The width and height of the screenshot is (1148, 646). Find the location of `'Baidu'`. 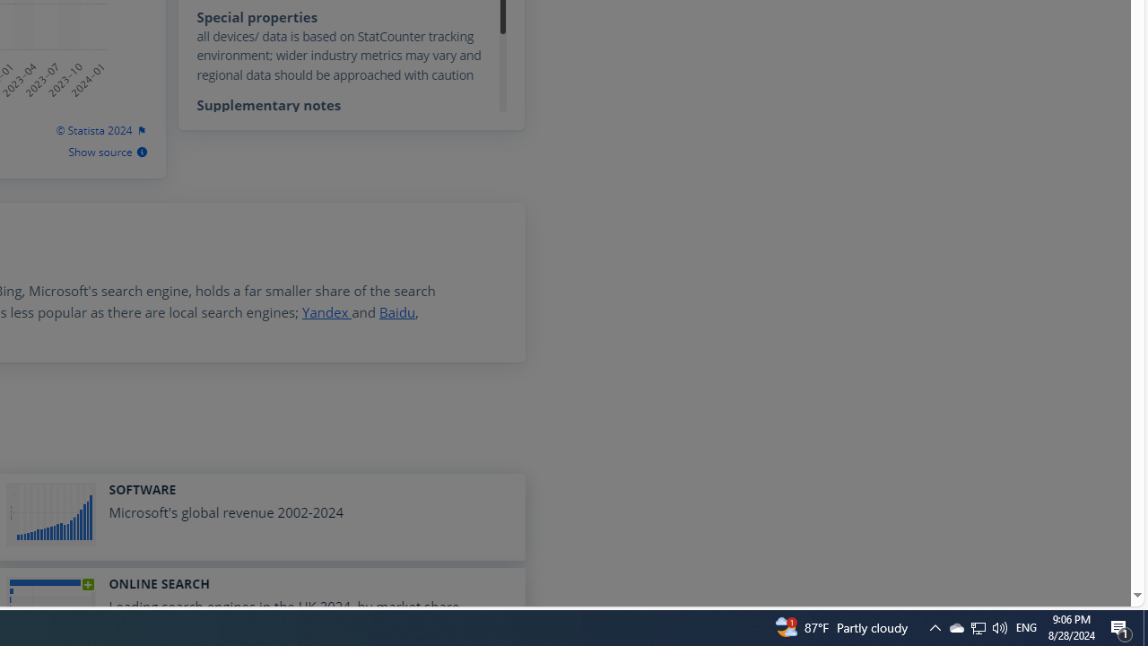

'Baidu' is located at coordinates (396, 311).